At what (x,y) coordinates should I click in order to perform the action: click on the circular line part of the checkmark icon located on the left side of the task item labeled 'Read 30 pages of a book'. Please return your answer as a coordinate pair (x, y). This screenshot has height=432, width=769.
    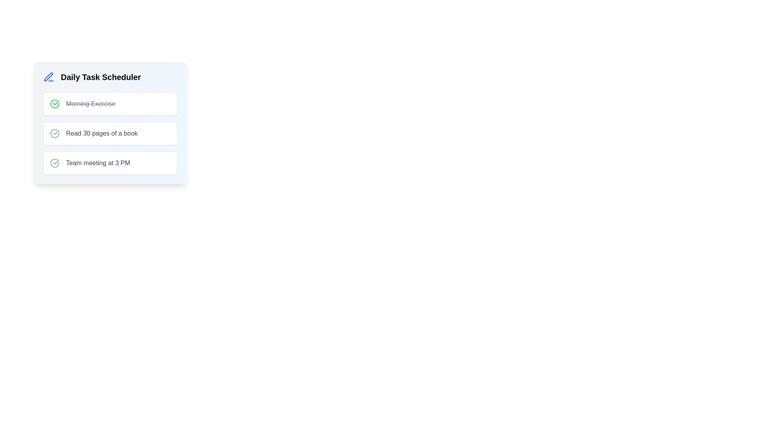
    Looking at the image, I should click on (54, 133).